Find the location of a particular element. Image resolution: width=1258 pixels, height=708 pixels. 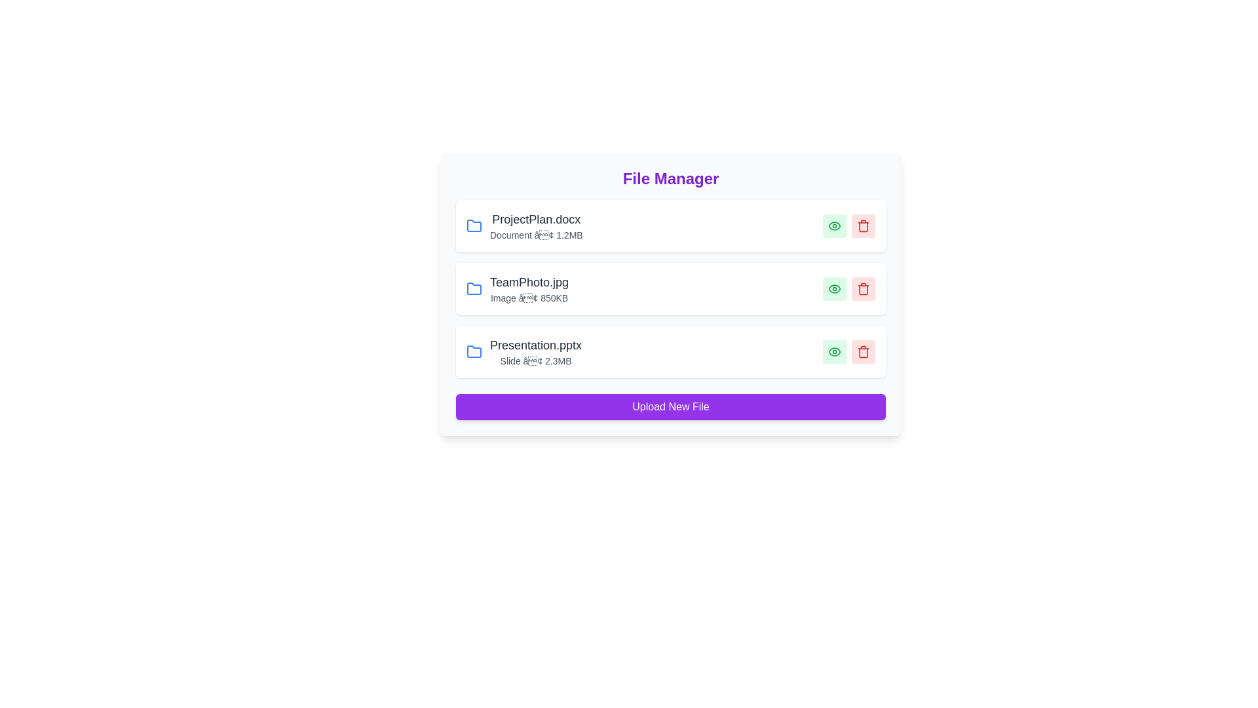

the file name TeamPhoto.jpg to edit or rename it is located at coordinates (529, 282).